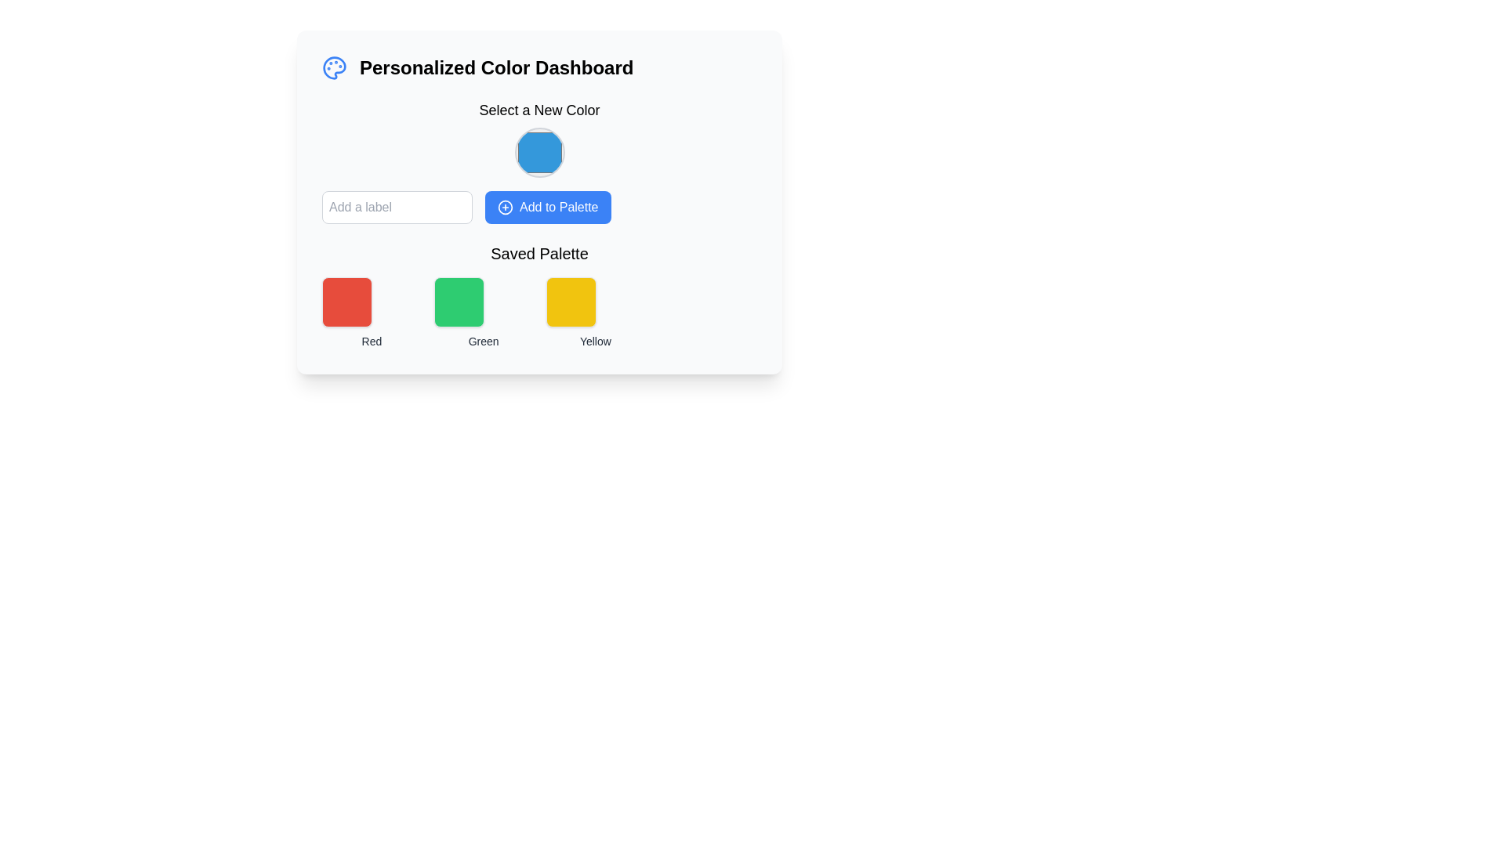 The height and width of the screenshot is (846, 1505). I want to click on the 'Add to Palette' text label, which is displayed in white font color on a blue rectangular button with rounded corners, located in the central content section of the interface, so click(559, 207).